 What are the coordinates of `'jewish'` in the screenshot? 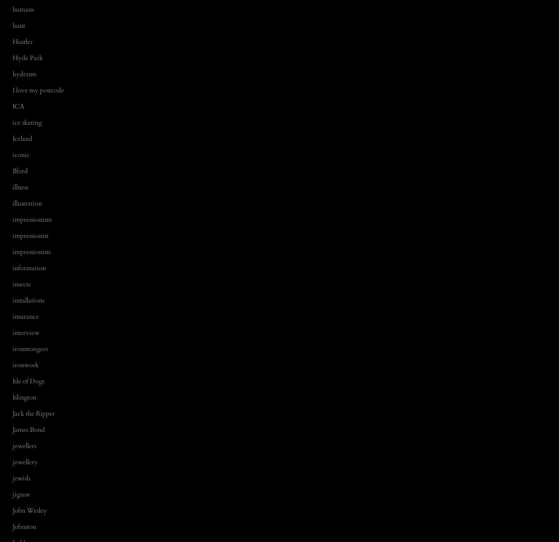 It's located at (21, 477).